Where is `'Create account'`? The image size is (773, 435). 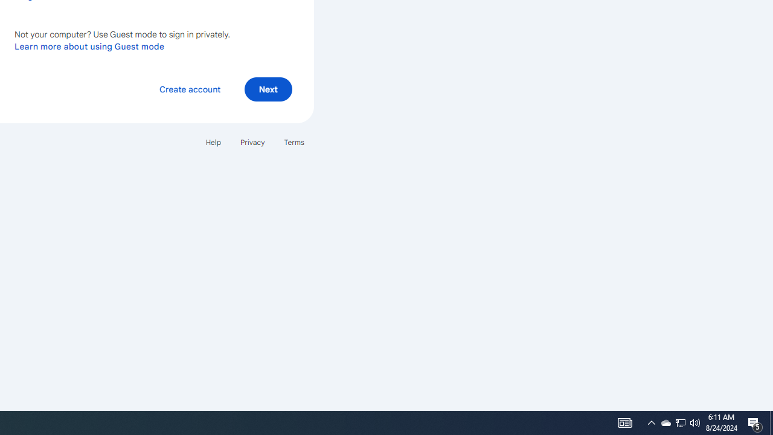 'Create account' is located at coordinates (189, 88).